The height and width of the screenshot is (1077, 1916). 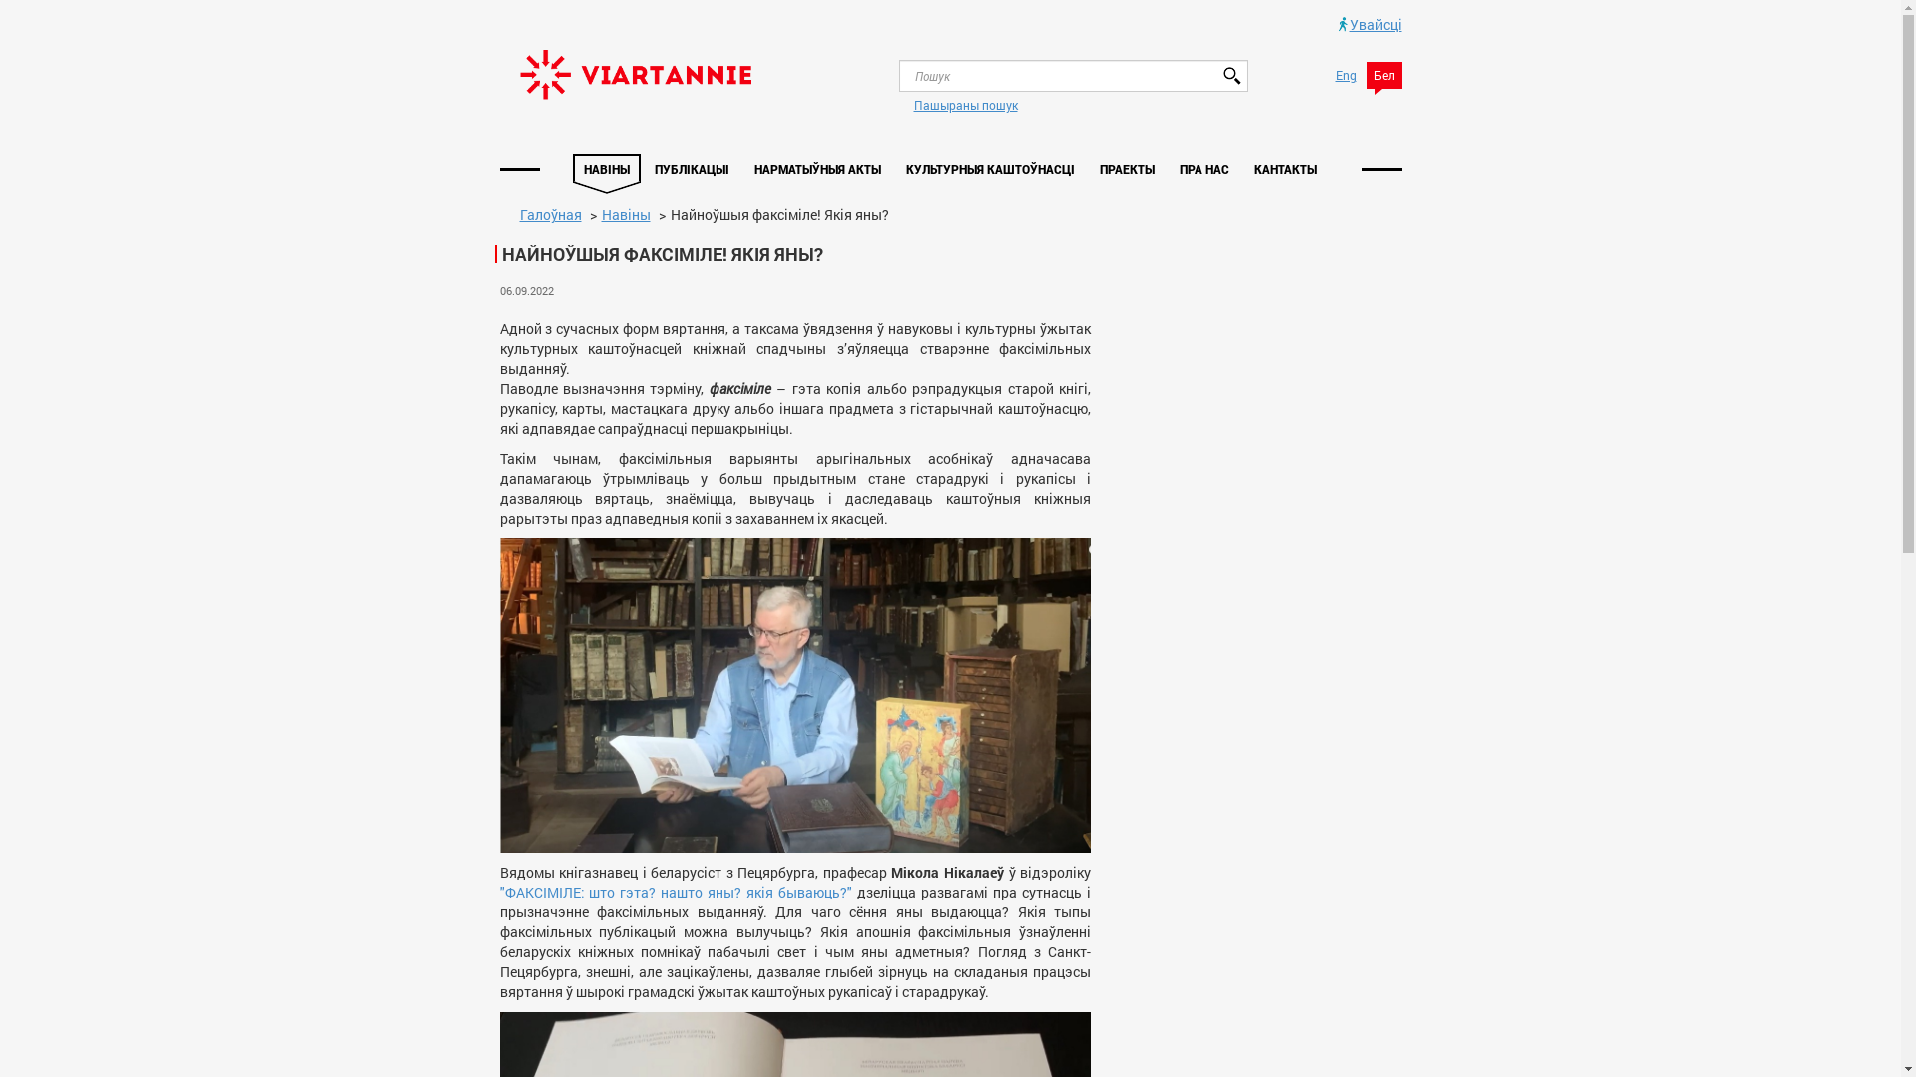 I want to click on 'Eng', so click(x=1346, y=74).